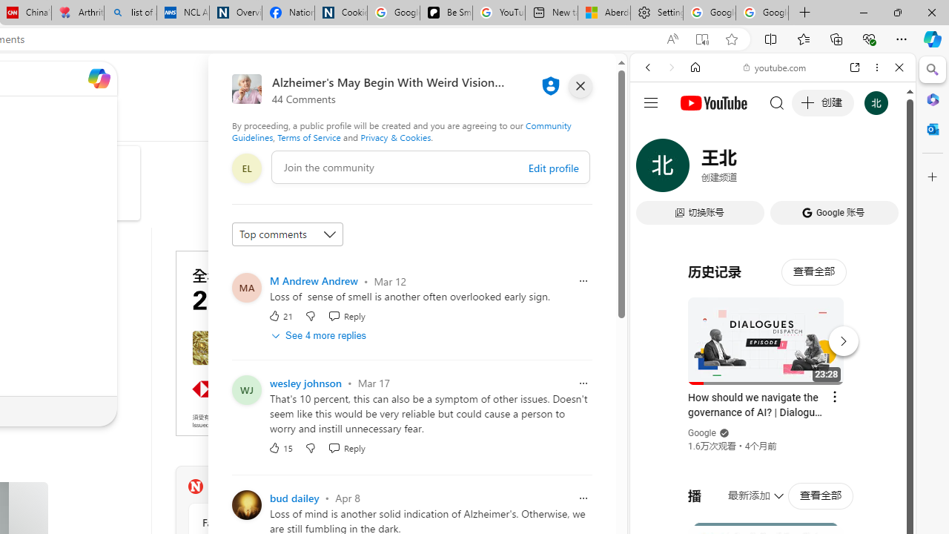 The width and height of the screenshot is (949, 534). Describe the element at coordinates (671, 67) in the screenshot. I see `'Forward'` at that location.